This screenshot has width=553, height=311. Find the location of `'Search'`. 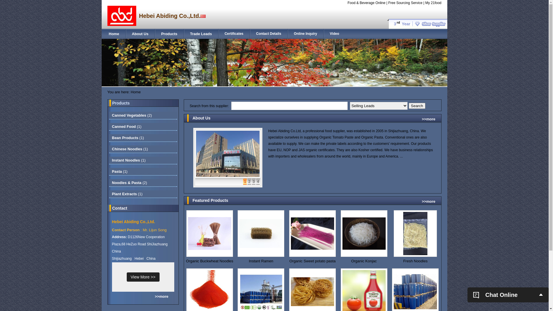

'Search' is located at coordinates (417, 106).